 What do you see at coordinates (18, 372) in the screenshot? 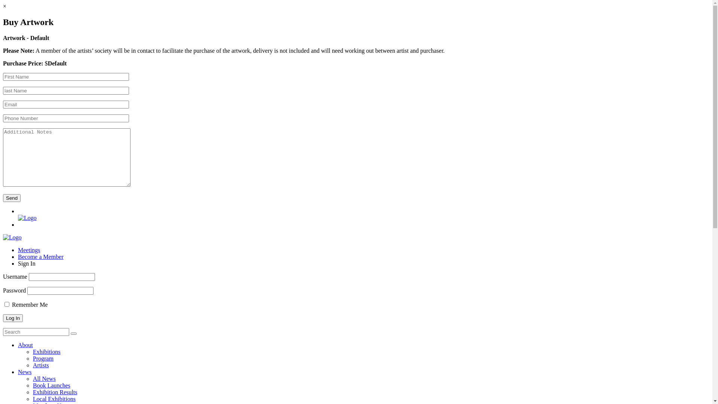
I see `'News'` at bounding box center [18, 372].